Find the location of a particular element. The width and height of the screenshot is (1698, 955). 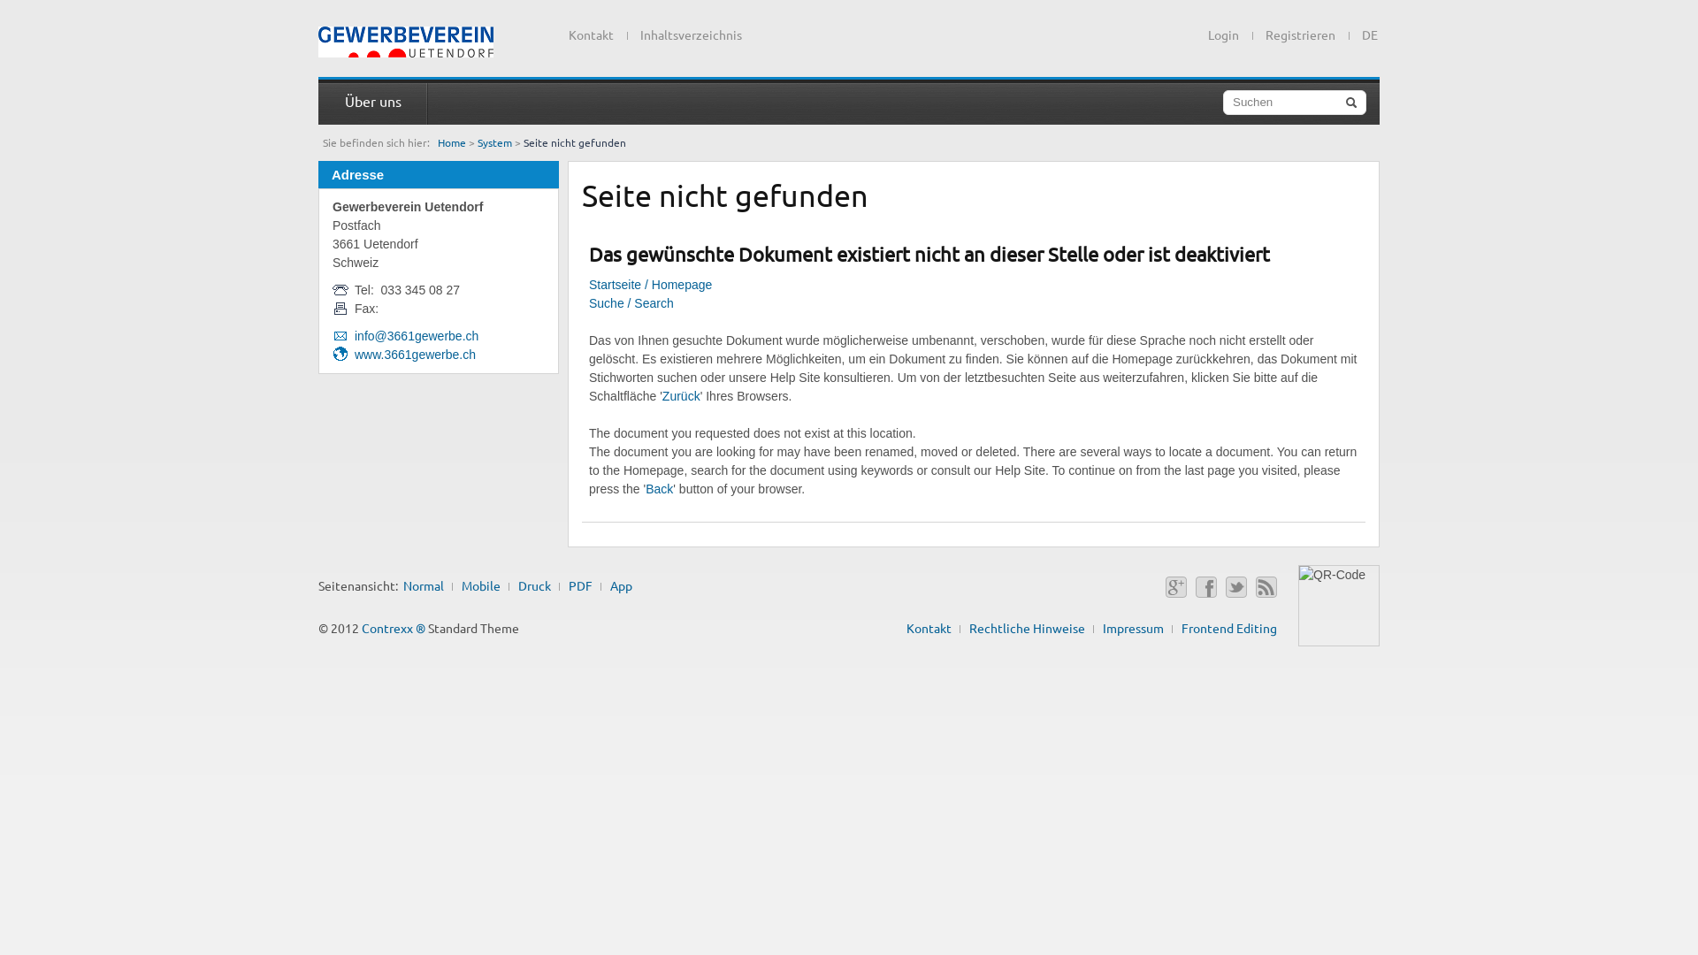

'PDF' is located at coordinates (569, 585).